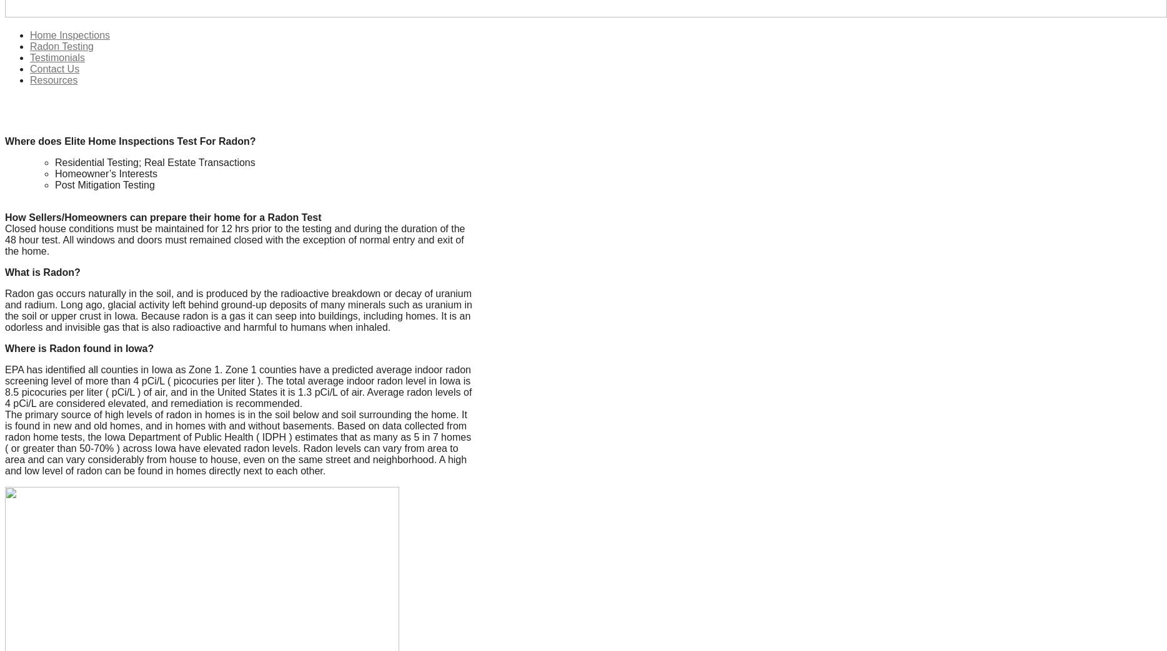 The image size is (1167, 651). I want to click on 'Contact Us', so click(54, 69).